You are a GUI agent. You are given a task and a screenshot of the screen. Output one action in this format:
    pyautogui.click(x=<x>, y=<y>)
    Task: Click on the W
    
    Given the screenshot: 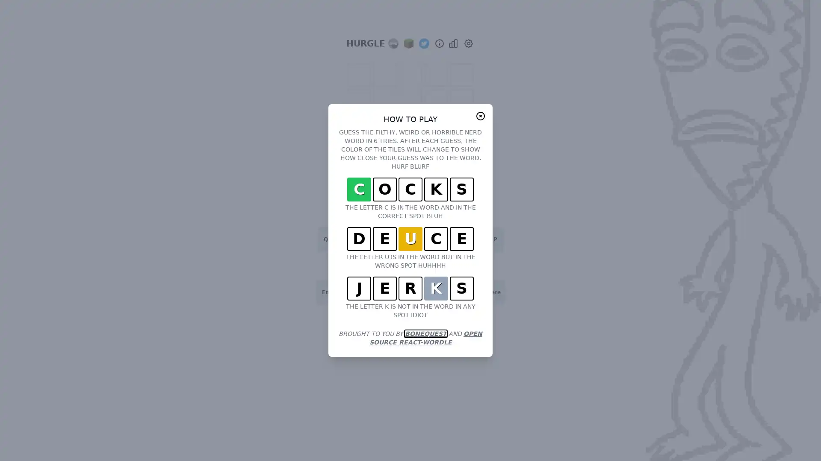 What is the action you would take?
    pyautogui.click(x=345, y=239)
    